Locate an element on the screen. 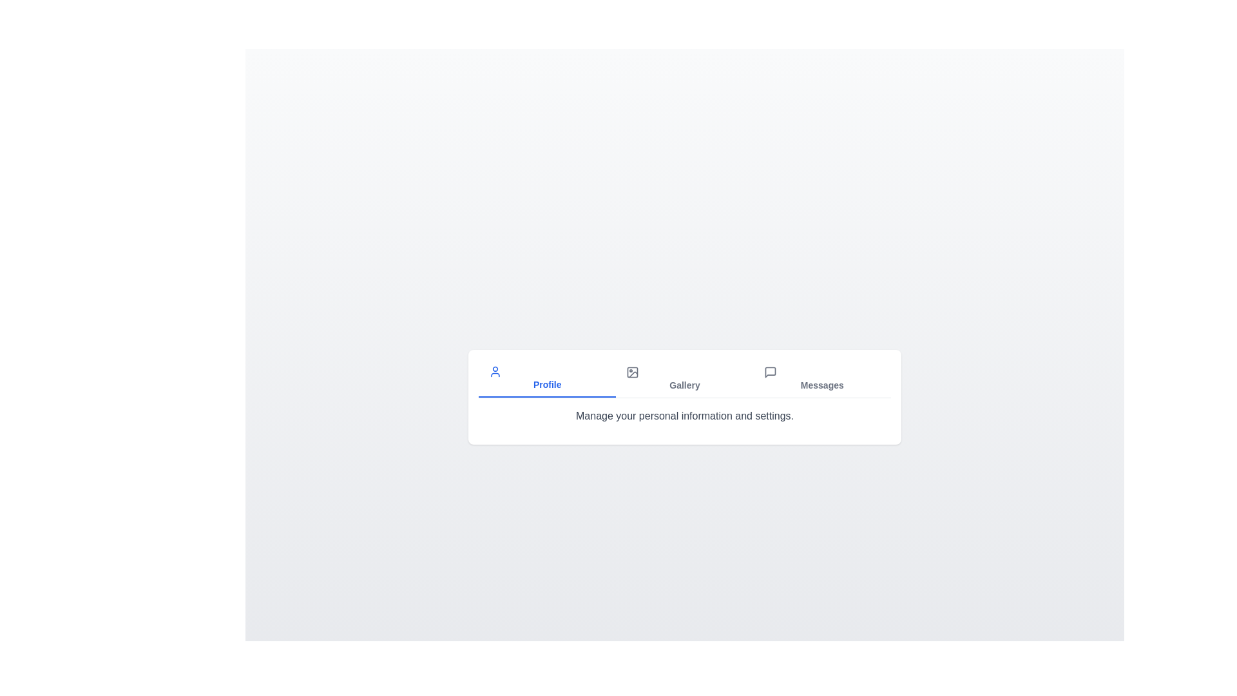 The image size is (1237, 696). the Profile tab to view its content is located at coordinates (547, 378).